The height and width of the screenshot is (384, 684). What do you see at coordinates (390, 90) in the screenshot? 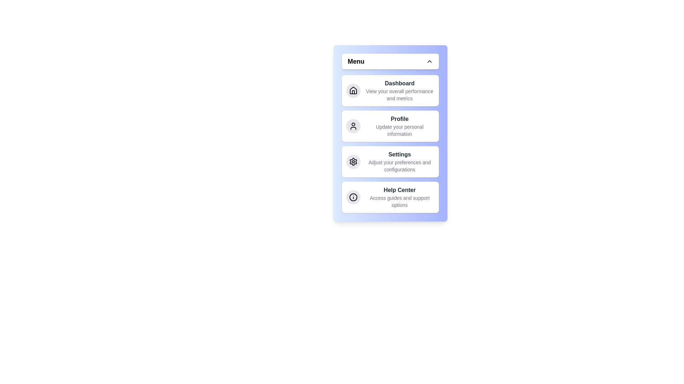
I see `the menu item Dashboard to observe the hover effect` at bounding box center [390, 90].